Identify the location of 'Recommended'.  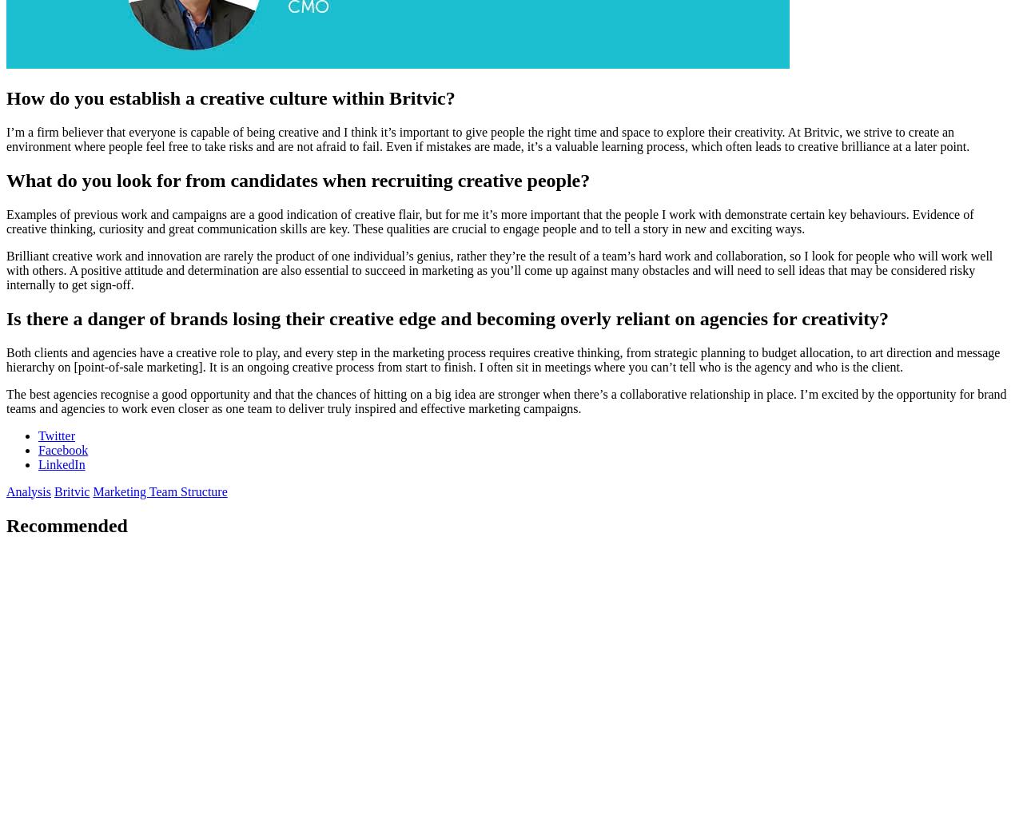
(66, 524).